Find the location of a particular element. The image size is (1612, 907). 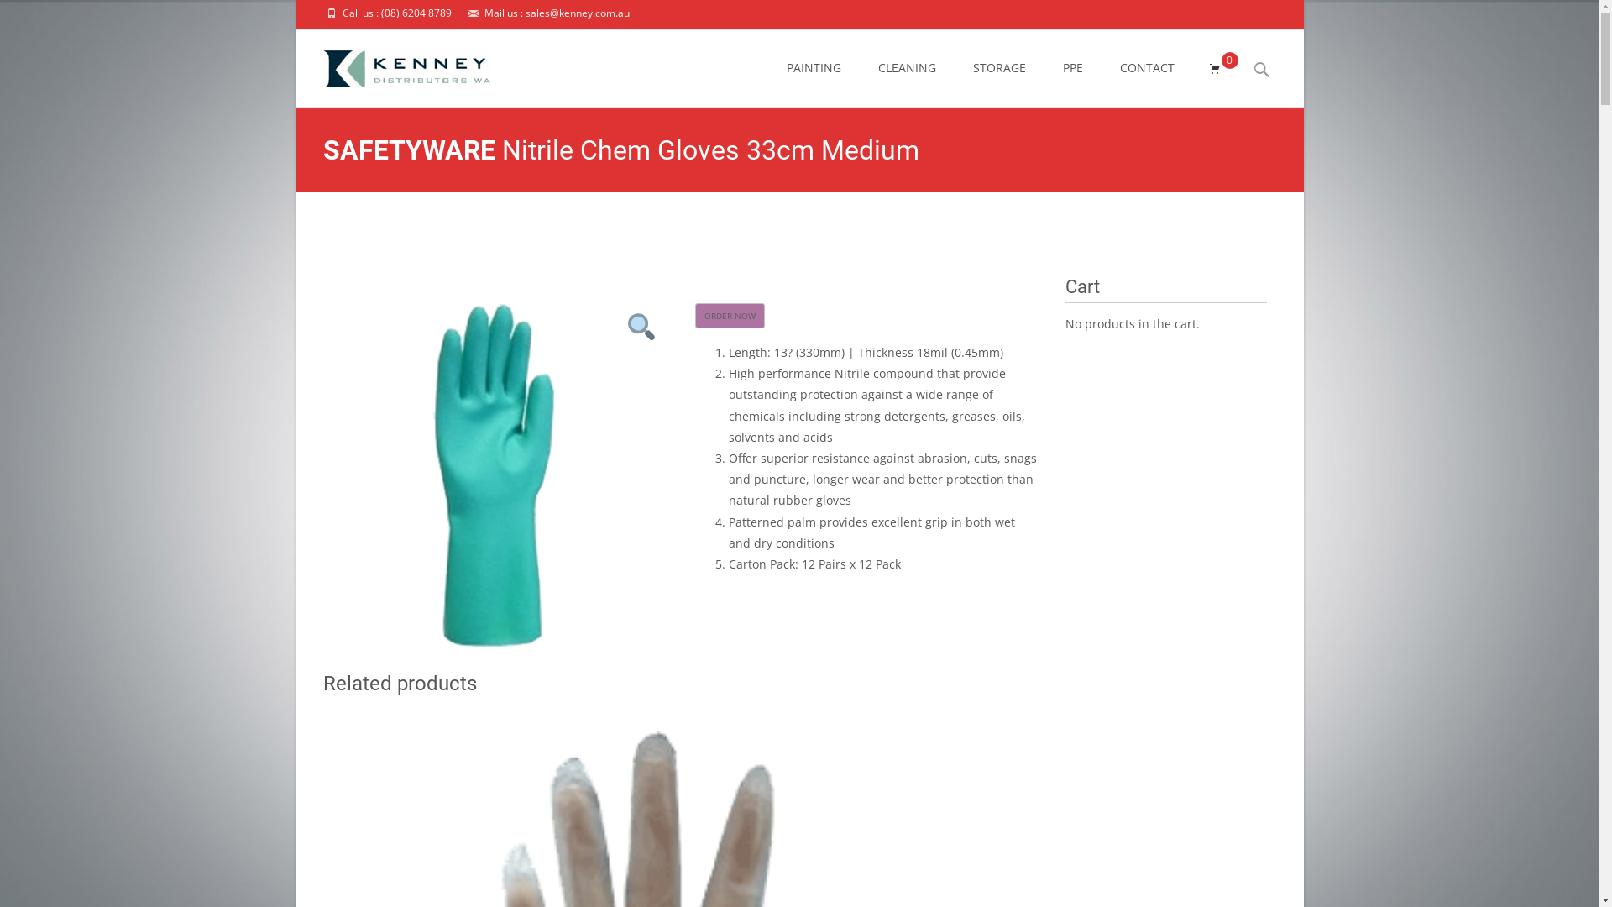

'Kenney Distributors WA' is located at coordinates (765, 233).